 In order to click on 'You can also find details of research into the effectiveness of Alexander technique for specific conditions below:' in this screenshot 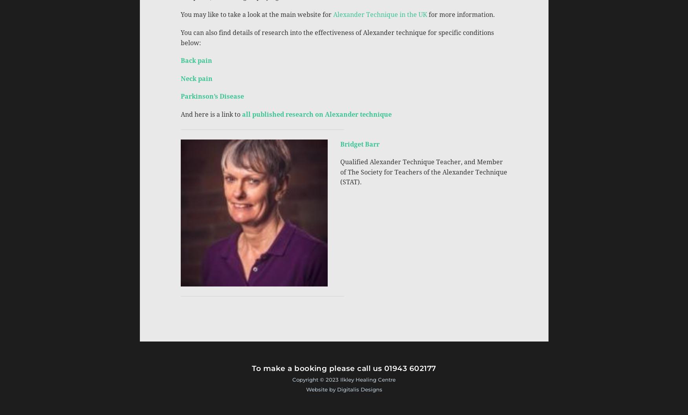, I will do `click(337, 37)`.